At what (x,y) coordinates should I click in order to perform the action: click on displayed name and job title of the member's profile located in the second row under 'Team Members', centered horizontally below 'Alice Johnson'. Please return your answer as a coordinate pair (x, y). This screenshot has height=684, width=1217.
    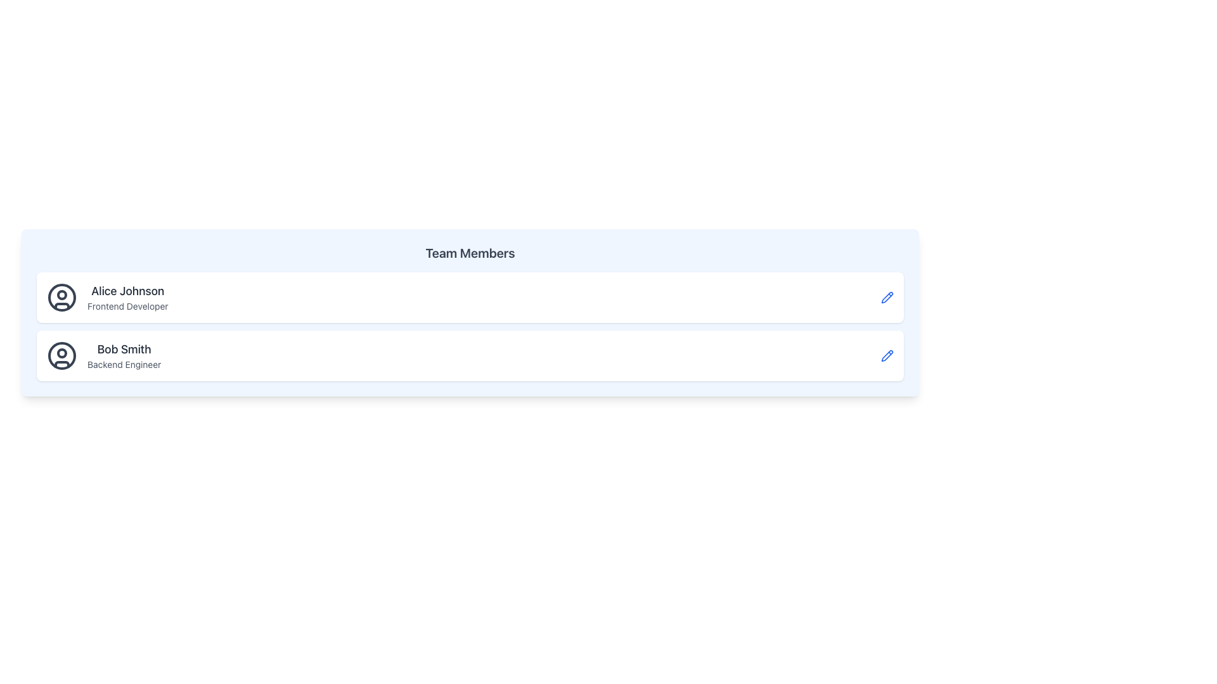
    Looking at the image, I should click on (124, 356).